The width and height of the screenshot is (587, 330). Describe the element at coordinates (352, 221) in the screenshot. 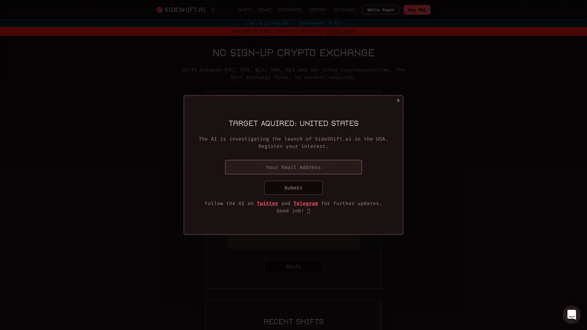

I see `Scan QR Code` at that location.